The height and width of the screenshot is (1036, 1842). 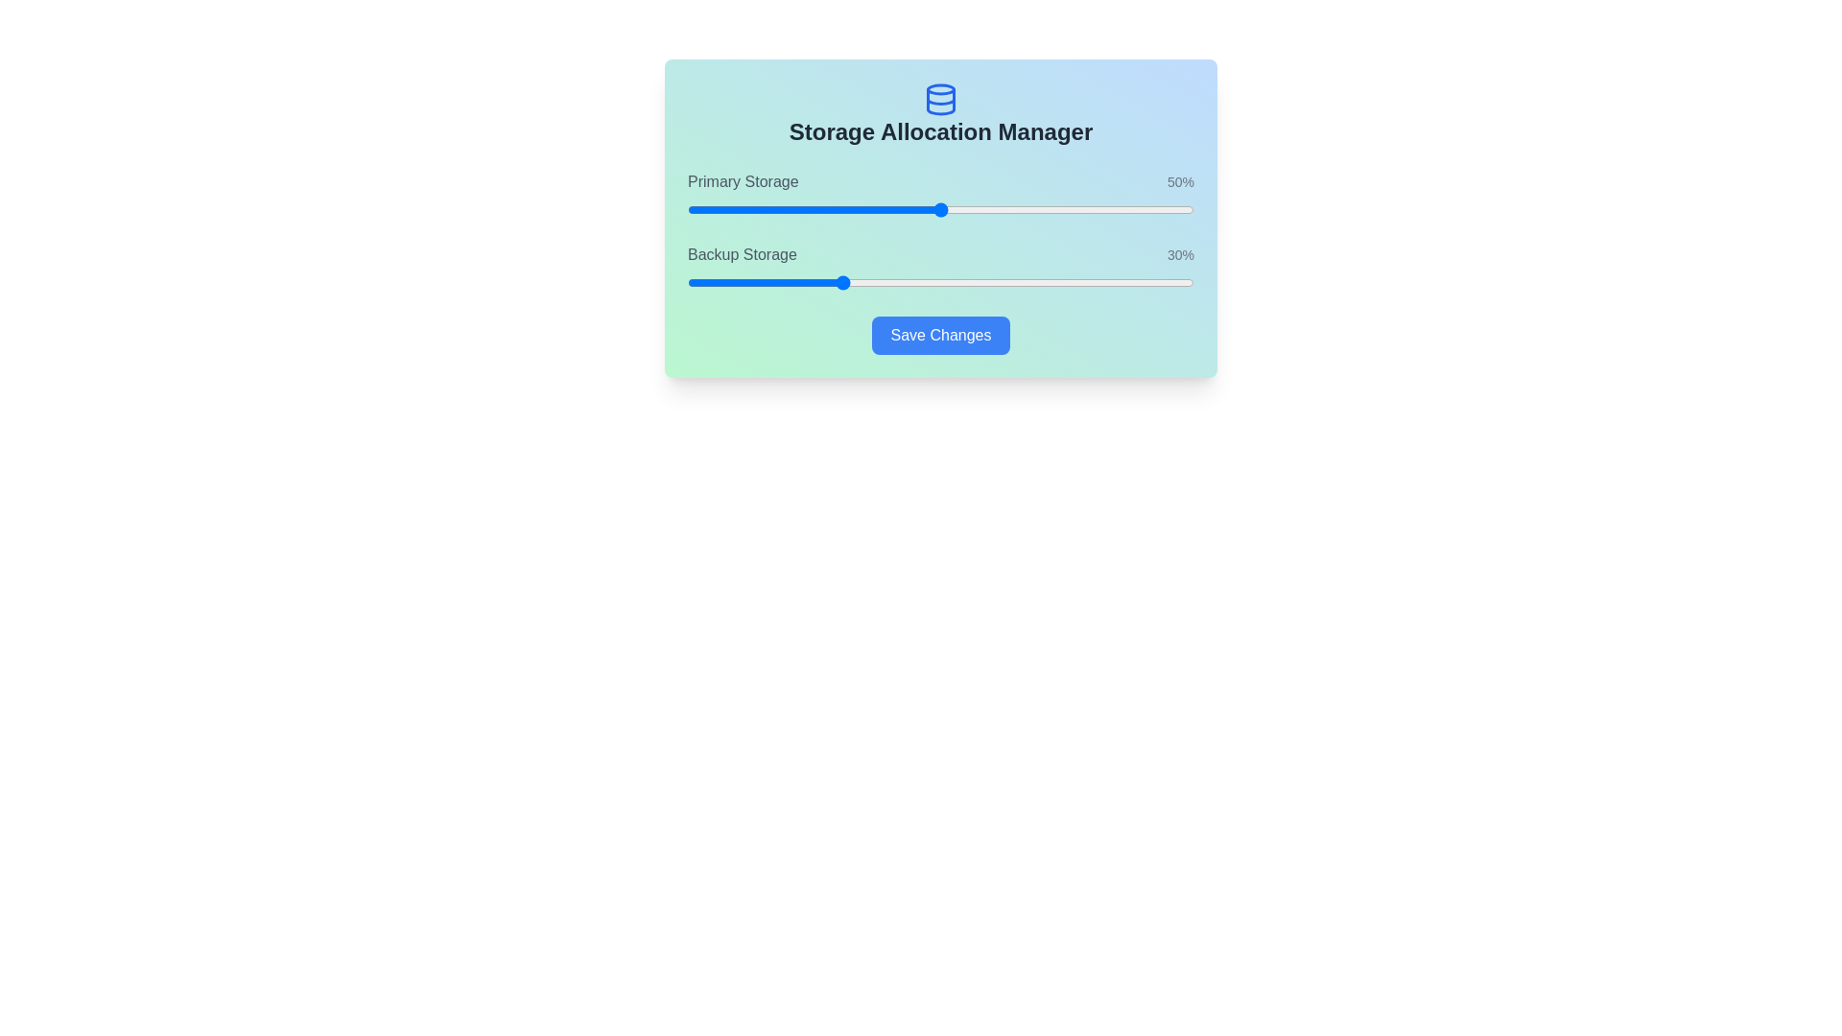 What do you see at coordinates (701, 282) in the screenshot?
I see `the Backup Storage slider to 3%` at bounding box center [701, 282].